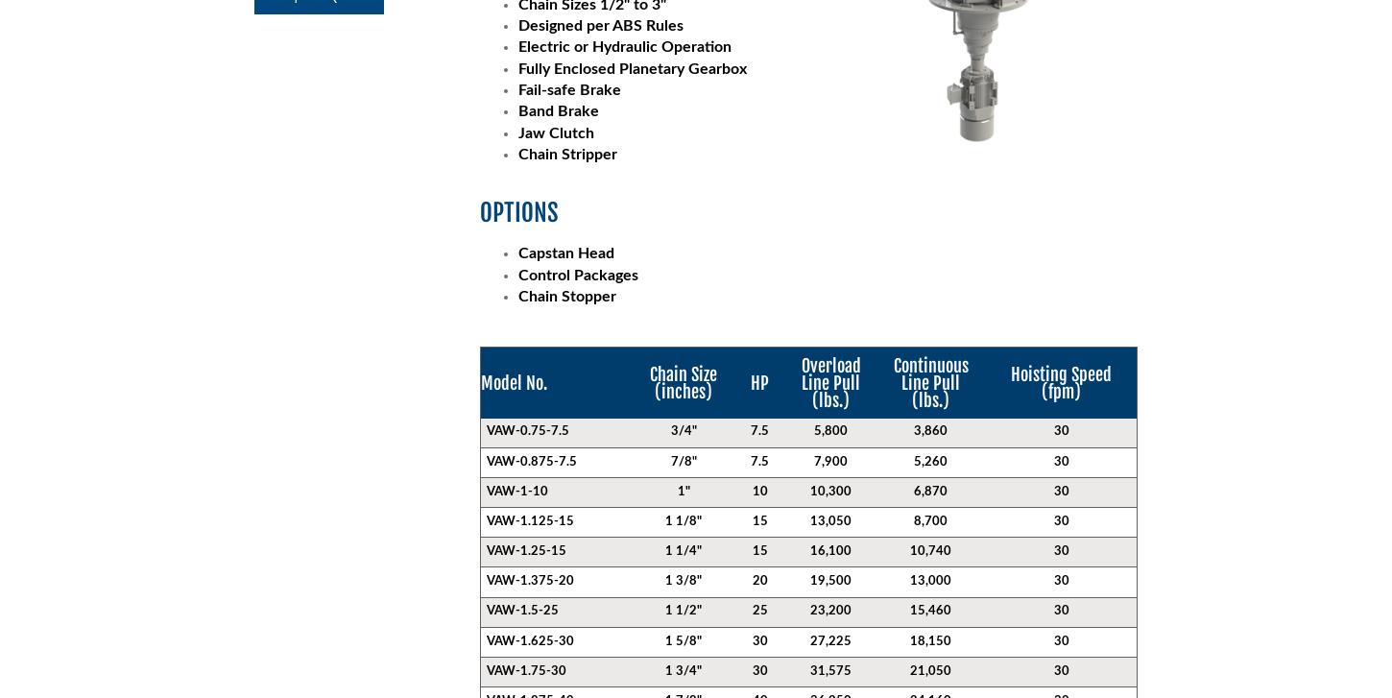 Image resolution: width=1392 pixels, height=698 pixels. Describe the element at coordinates (758, 580) in the screenshot. I see `'20'` at that location.